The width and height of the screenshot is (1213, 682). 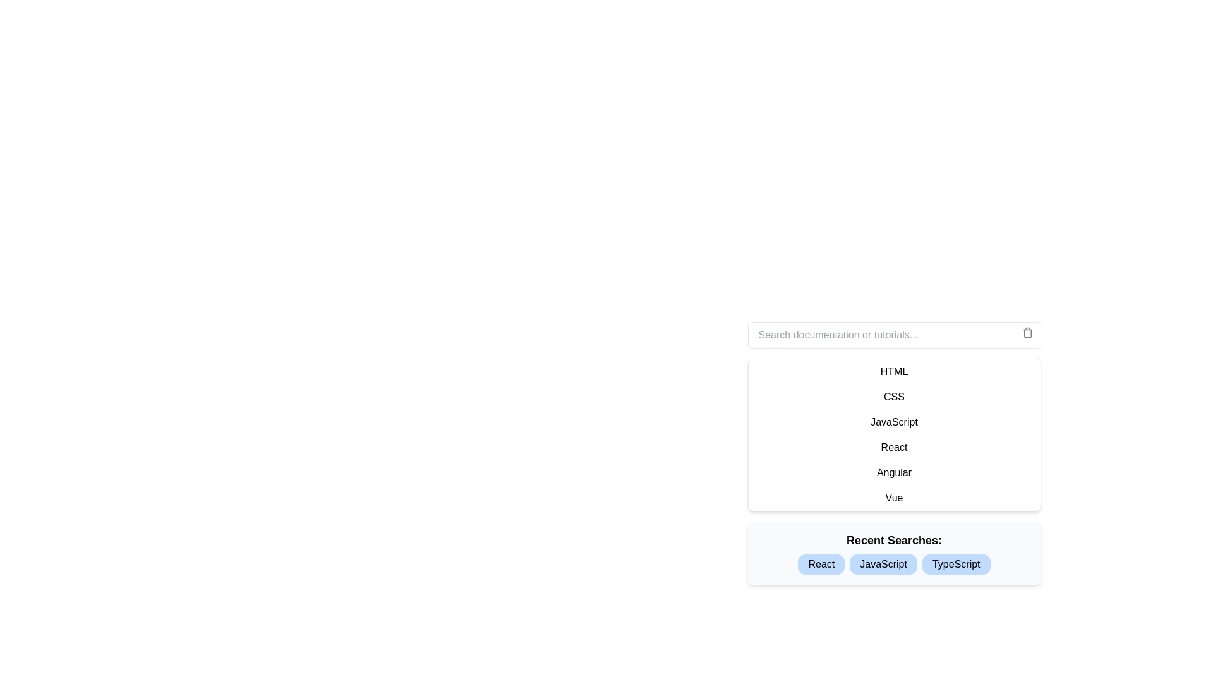 What do you see at coordinates (893, 434) in the screenshot?
I see `the interactive list box containing programming language items (HTML, CSS, JavaScript, React, Angular, and Vue)` at bounding box center [893, 434].